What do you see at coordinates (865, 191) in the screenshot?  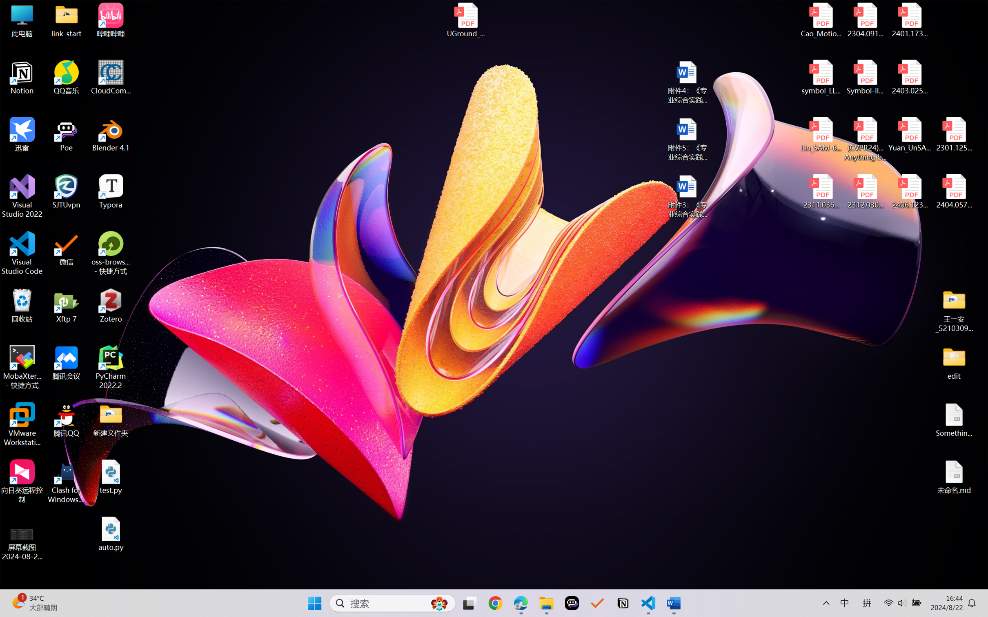 I see `'2312.03032v2.pdf'` at bounding box center [865, 191].